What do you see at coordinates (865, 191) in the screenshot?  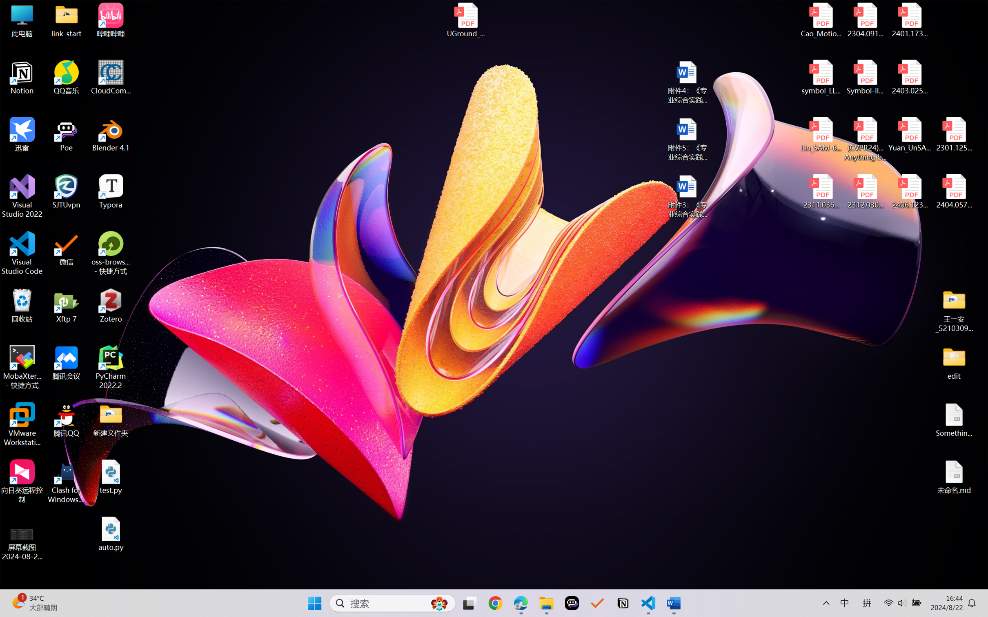 I see `'2312.03032v2.pdf'` at bounding box center [865, 191].